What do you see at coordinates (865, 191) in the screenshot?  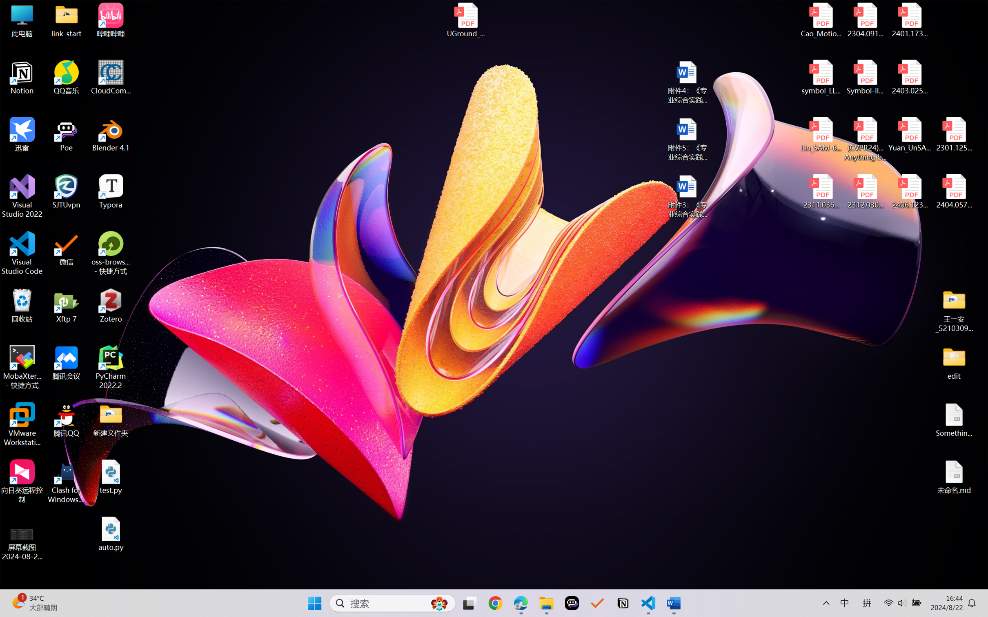 I see `'2312.03032v2.pdf'` at bounding box center [865, 191].